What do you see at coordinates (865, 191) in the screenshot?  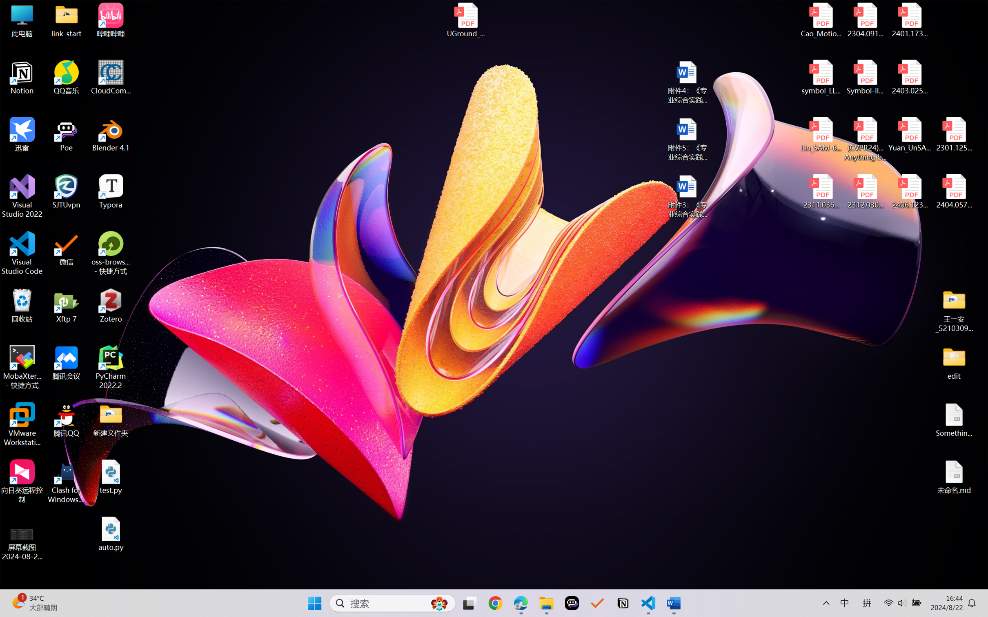 I see `'2312.03032v2.pdf'` at bounding box center [865, 191].